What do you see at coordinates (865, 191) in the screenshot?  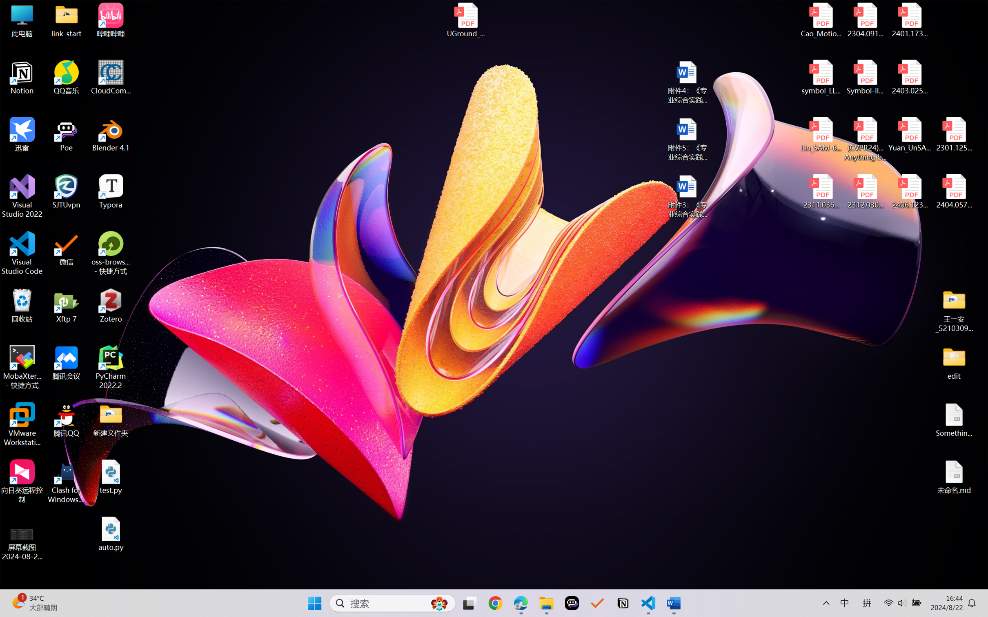 I see `'2312.03032v2.pdf'` at bounding box center [865, 191].